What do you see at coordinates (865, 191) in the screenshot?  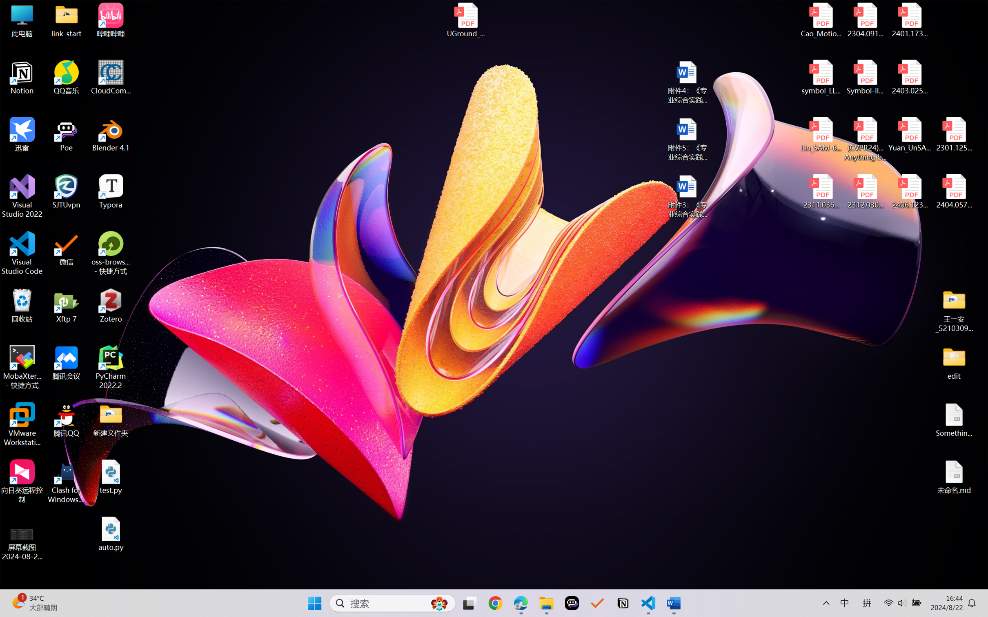 I see `'2312.03032v2.pdf'` at bounding box center [865, 191].